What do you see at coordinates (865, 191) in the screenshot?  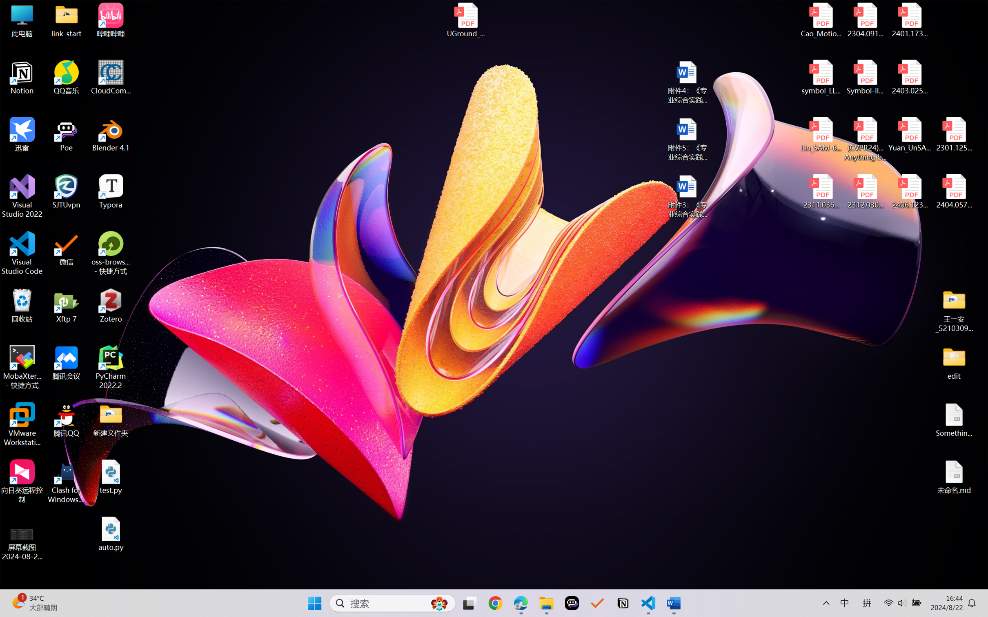 I see `'2312.03032v2.pdf'` at bounding box center [865, 191].